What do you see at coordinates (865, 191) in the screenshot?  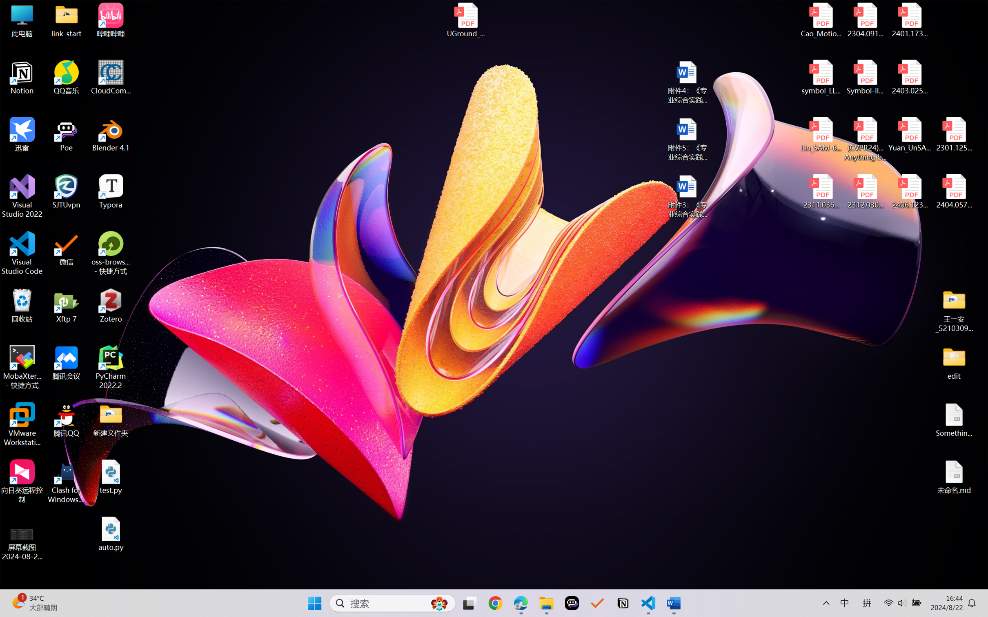 I see `'2312.03032v2.pdf'` at bounding box center [865, 191].